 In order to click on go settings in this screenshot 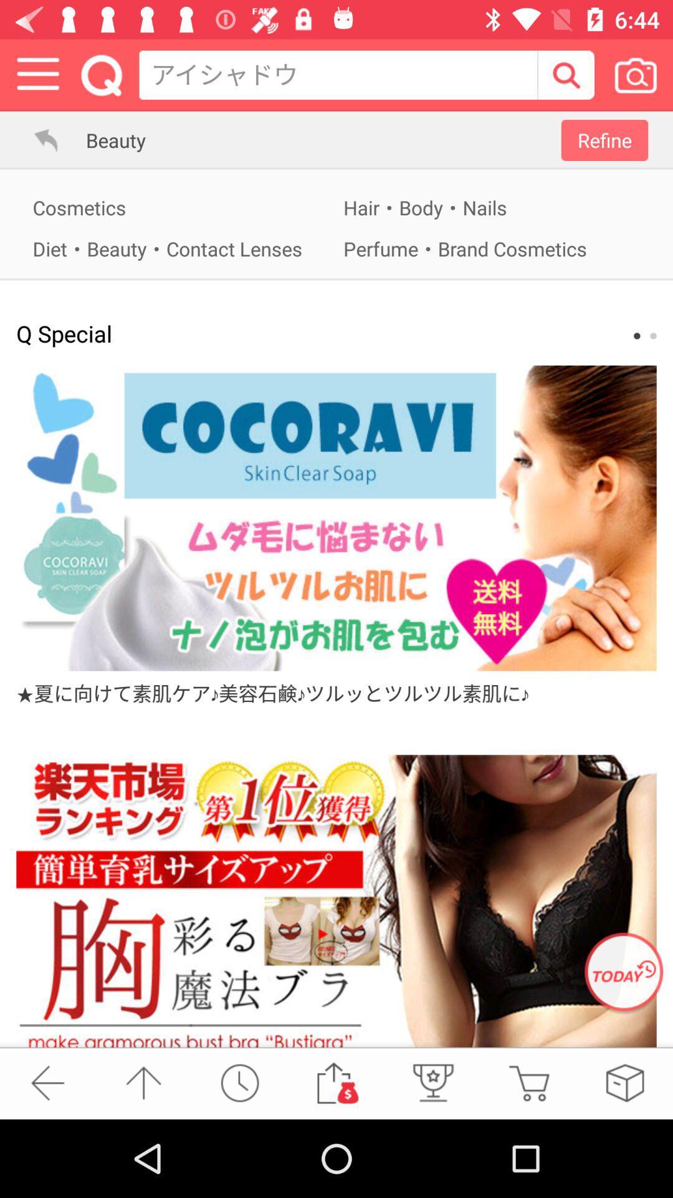, I will do `click(37, 74)`.